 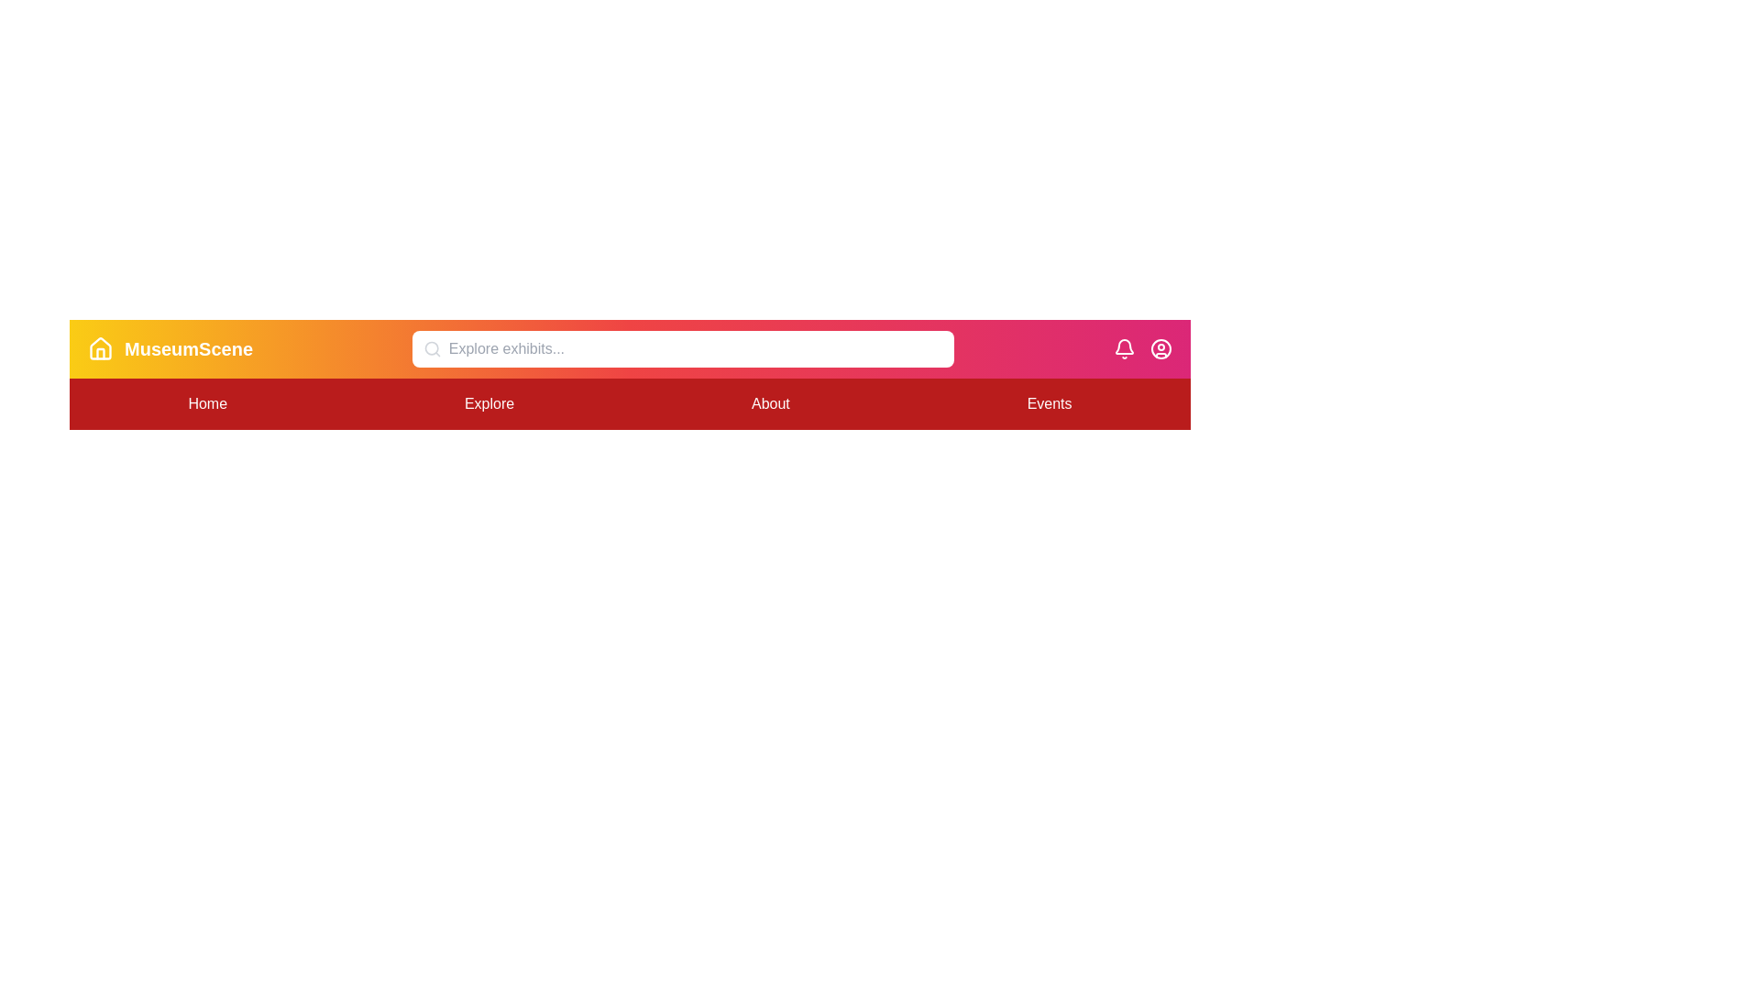 I want to click on the 'Explore' tab in the menu, so click(x=489, y=402).